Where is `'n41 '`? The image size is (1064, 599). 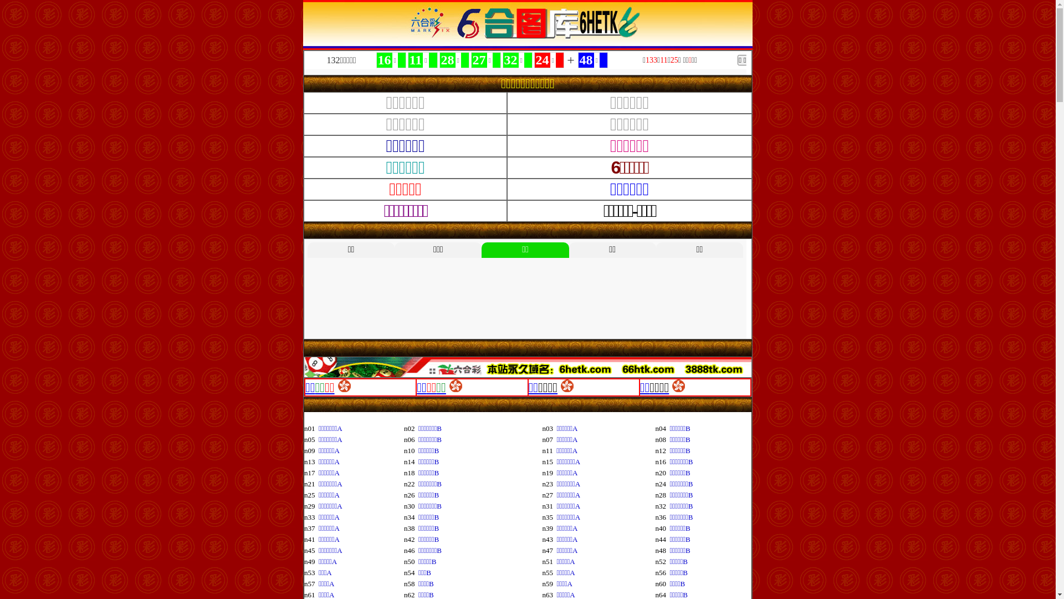 'n41 ' is located at coordinates (310, 539).